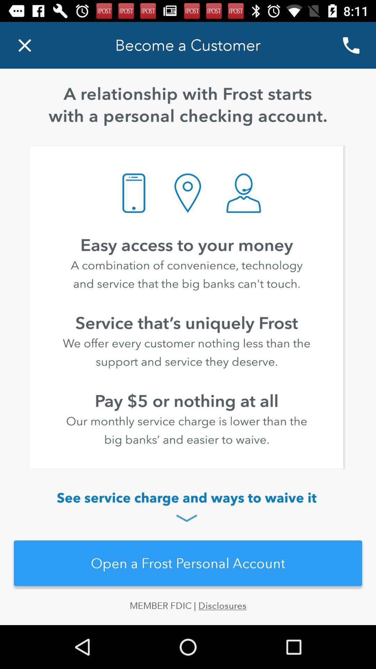  Describe the element at coordinates (188, 563) in the screenshot. I see `open a frost item` at that location.